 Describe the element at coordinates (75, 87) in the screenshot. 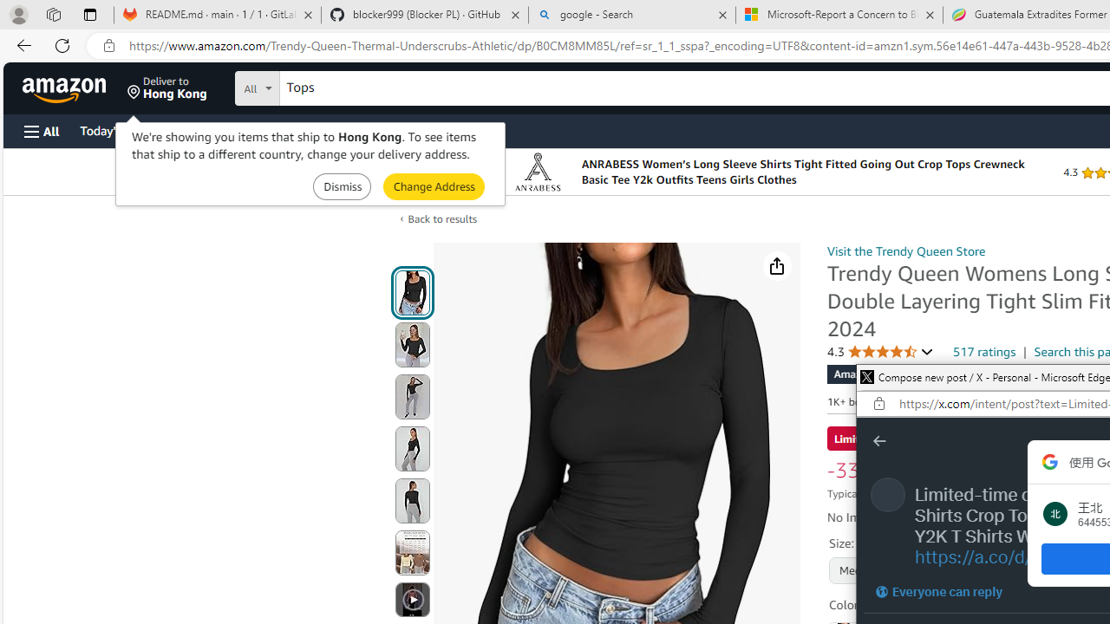

I see `'Skip to main content'` at that location.